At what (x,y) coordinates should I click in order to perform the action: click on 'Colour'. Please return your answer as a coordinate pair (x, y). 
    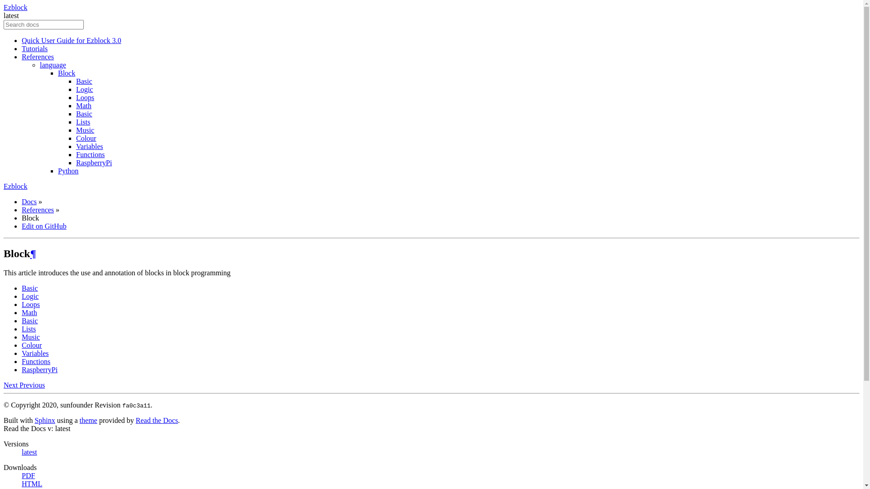
    Looking at the image, I should click on (86, 138).